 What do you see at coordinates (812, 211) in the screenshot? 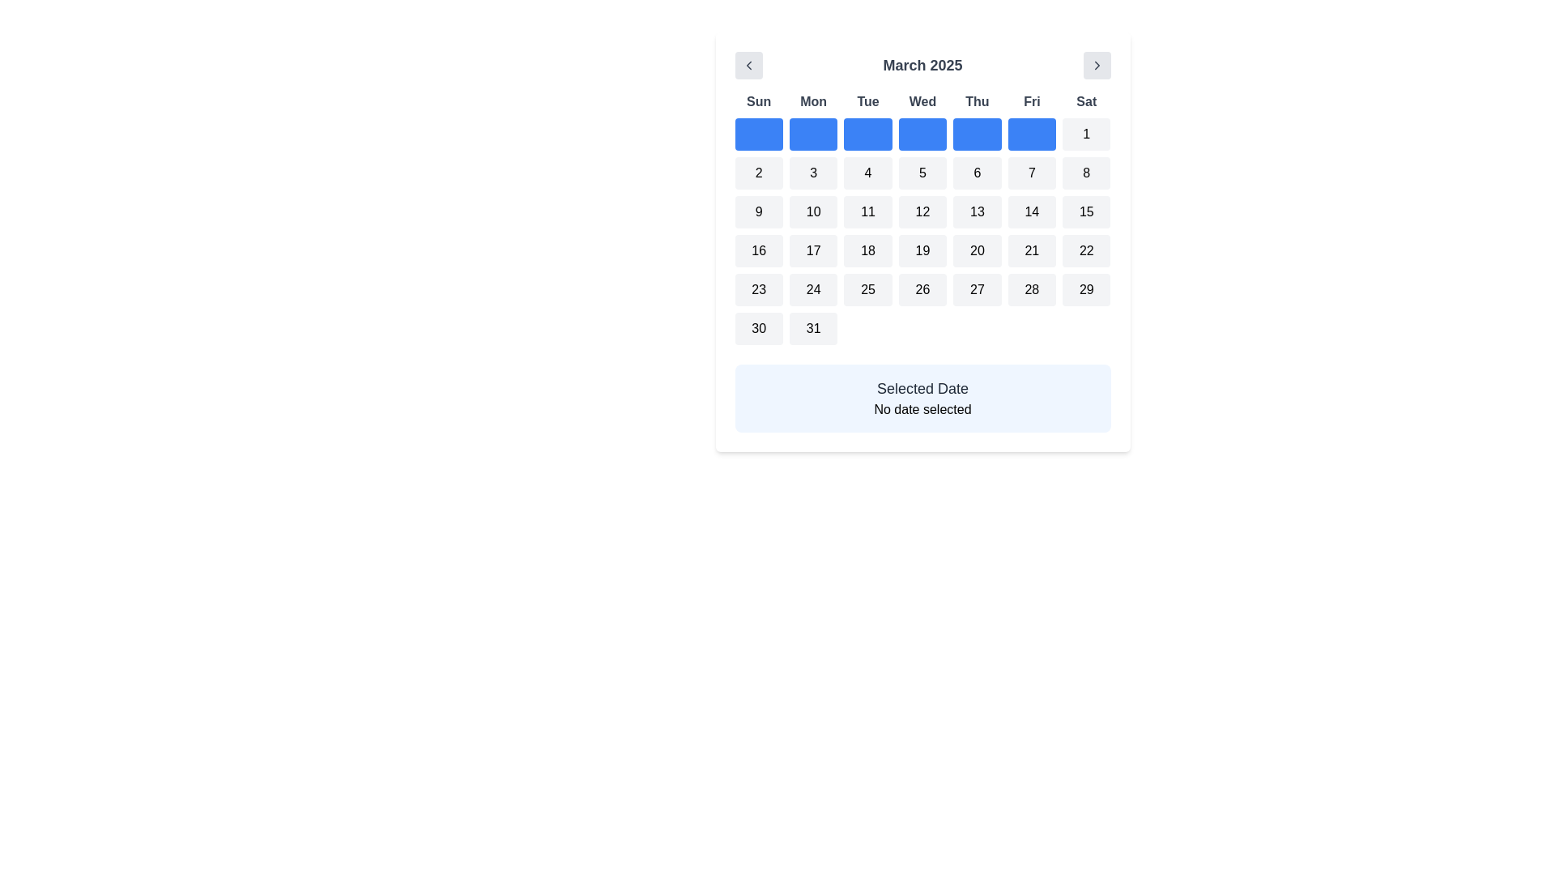
I see `the interactive date button` at bounding box center [812, 211].